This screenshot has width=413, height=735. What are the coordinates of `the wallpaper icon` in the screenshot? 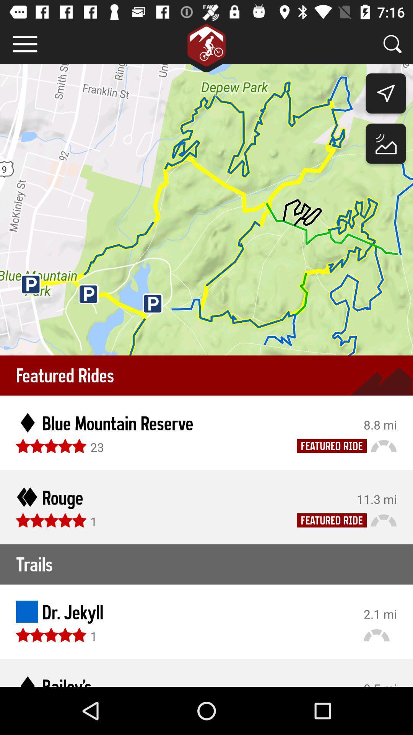 It's located at (386, 145).